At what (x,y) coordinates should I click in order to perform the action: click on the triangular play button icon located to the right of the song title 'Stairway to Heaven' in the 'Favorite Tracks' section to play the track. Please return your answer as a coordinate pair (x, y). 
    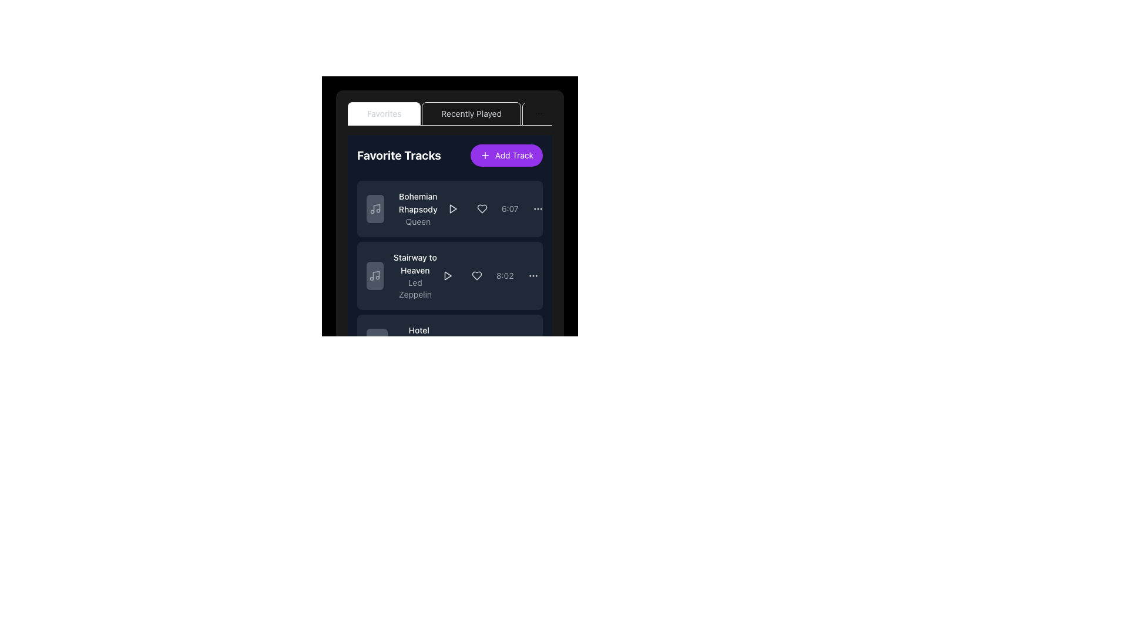
    Looking at the image, I should click on (446, 276).